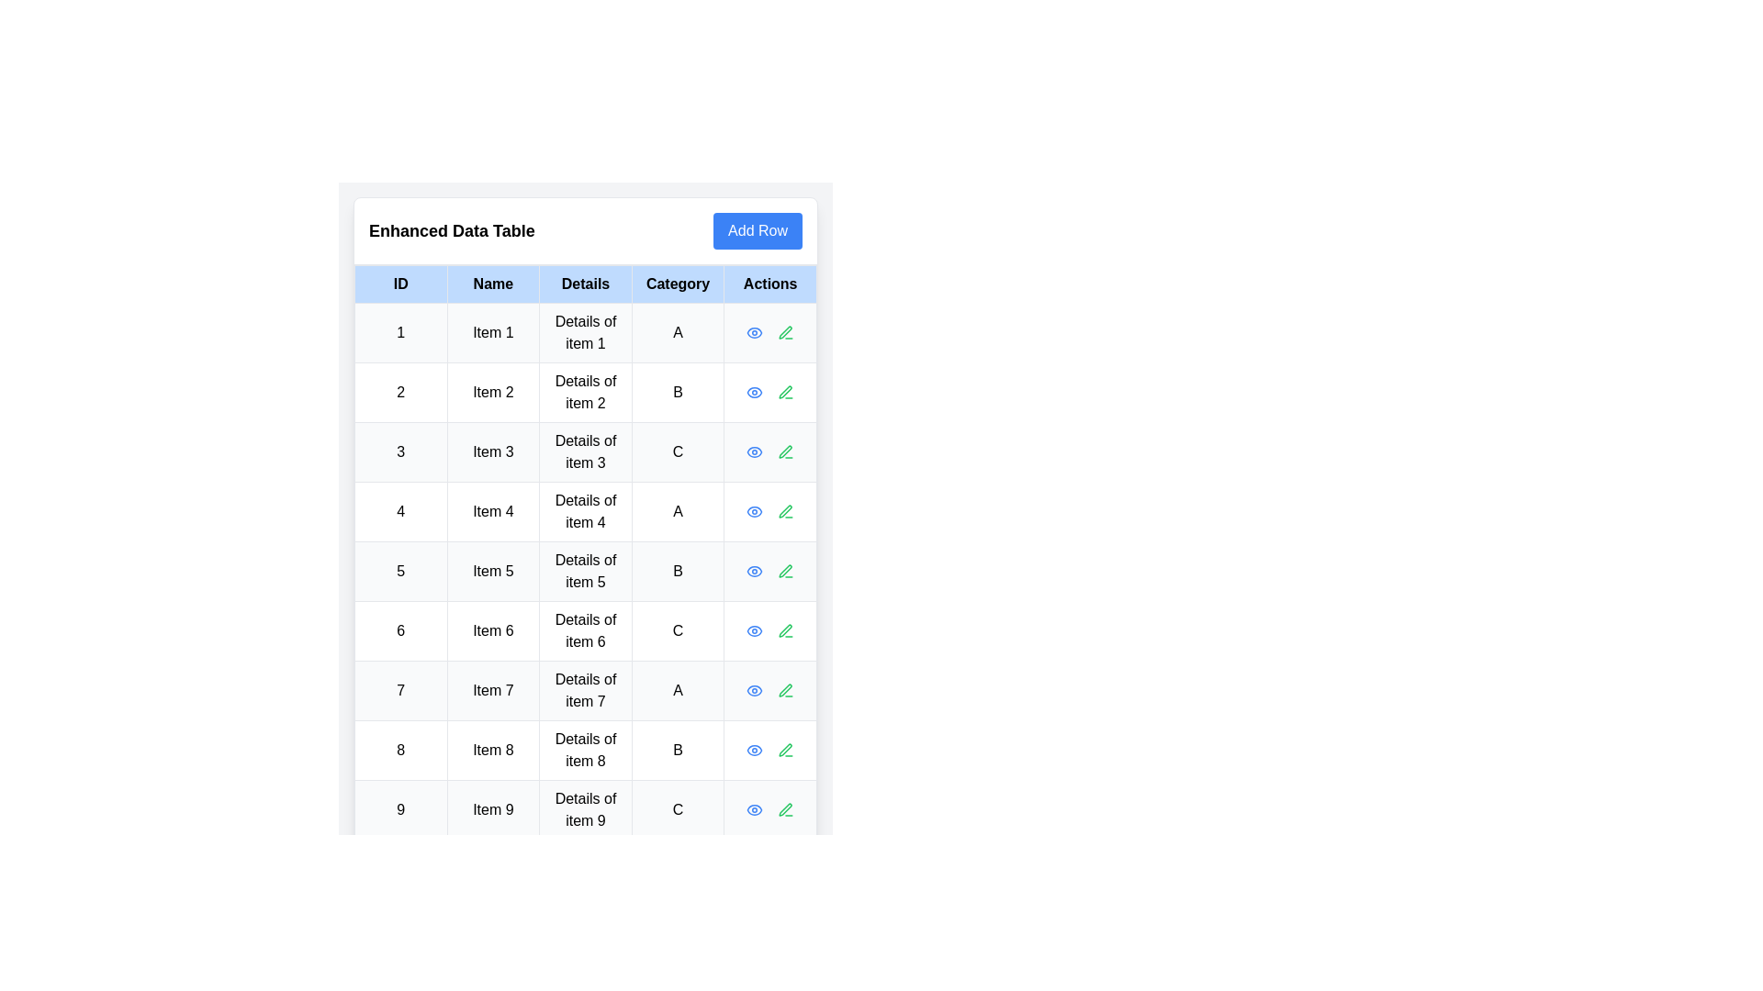 The height and width of the screenshot is (991, 1763). What do you see at coordinates (786, 809) in the screenshot?
I see `the Interactive icon button located in the bottom right corner of the table, specifically the pen icon in the 'Actions' column for 'Item 9'` at bounding box center [786, 809].